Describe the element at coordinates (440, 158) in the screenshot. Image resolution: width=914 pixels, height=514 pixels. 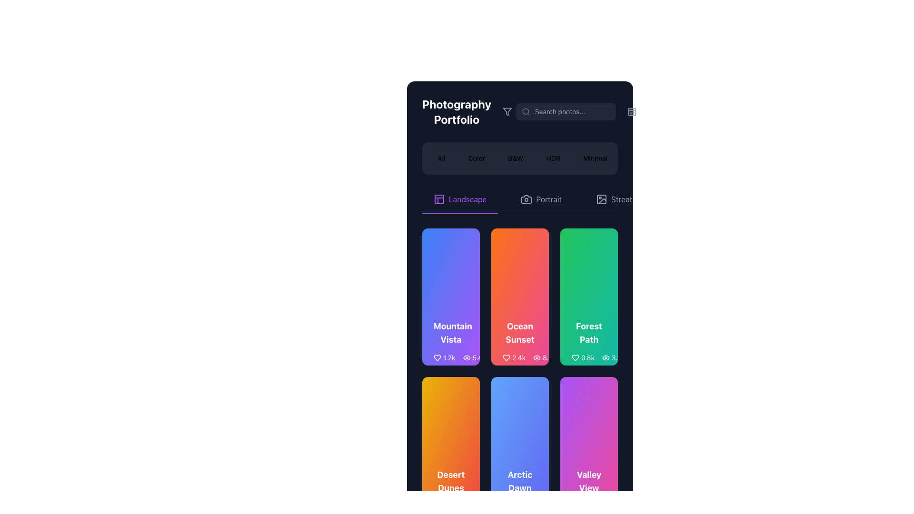
I see `the leftmost button in the horizontal list of filter buttons, labeled 'All'` at that location.